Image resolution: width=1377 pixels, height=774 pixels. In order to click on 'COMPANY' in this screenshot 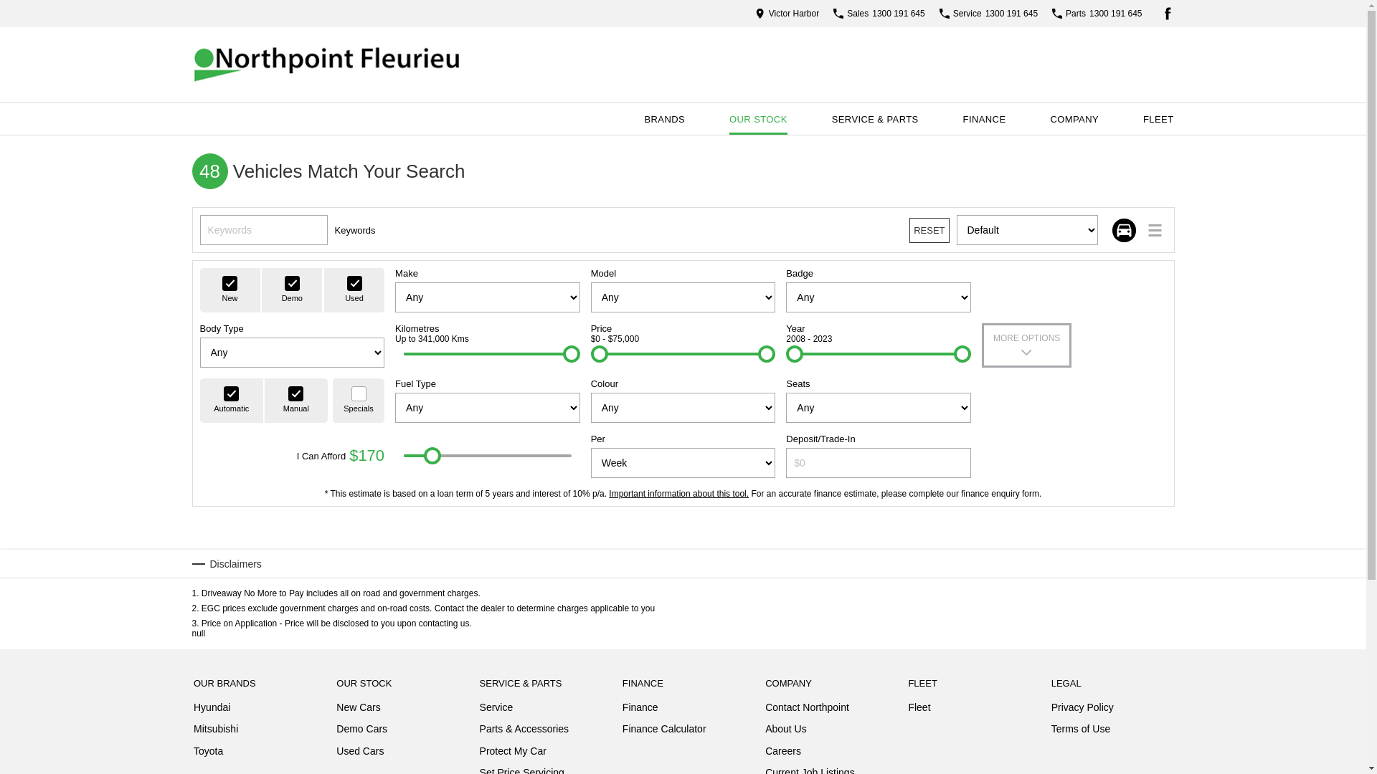, I will do `click(1038, 118)`.